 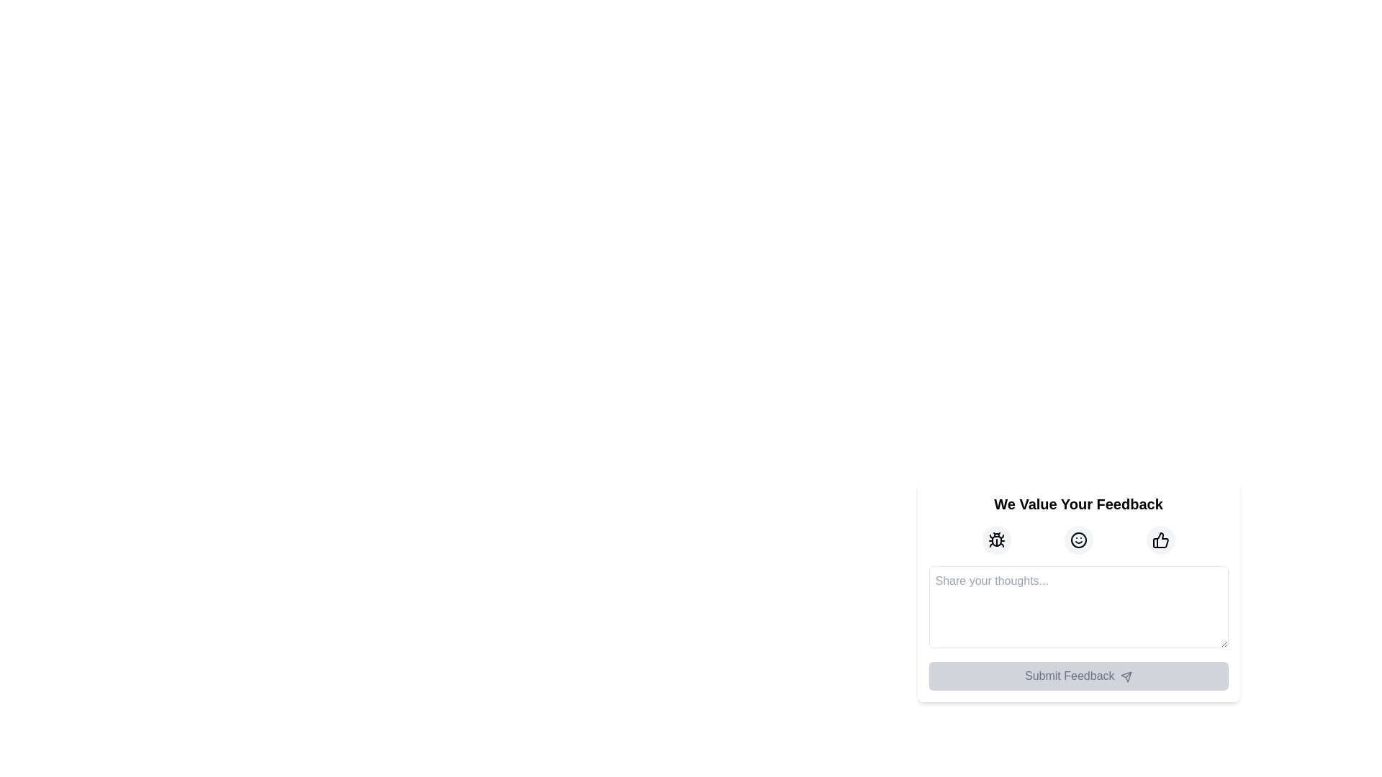 What do you see at coordinates (1160, 540) in the screenshot?
I see `the thumbs-up button located in the top-right corner of the feedback modal to provide positive feedback` at bounding box center [1160, 540].